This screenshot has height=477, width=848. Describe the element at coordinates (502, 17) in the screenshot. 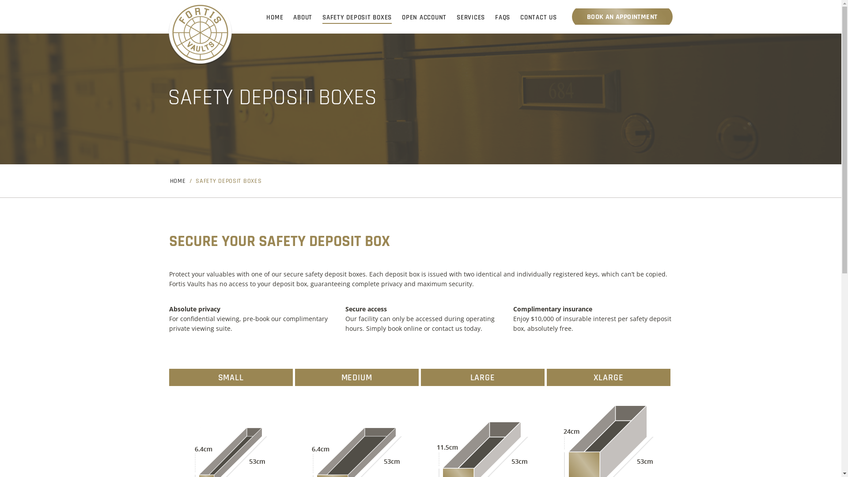

I see `'FAQS'` at that location.